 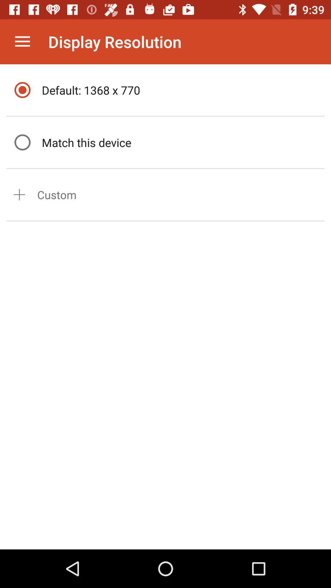 I want to click on item to the left of the custom icon, so click(x=19, y=194).